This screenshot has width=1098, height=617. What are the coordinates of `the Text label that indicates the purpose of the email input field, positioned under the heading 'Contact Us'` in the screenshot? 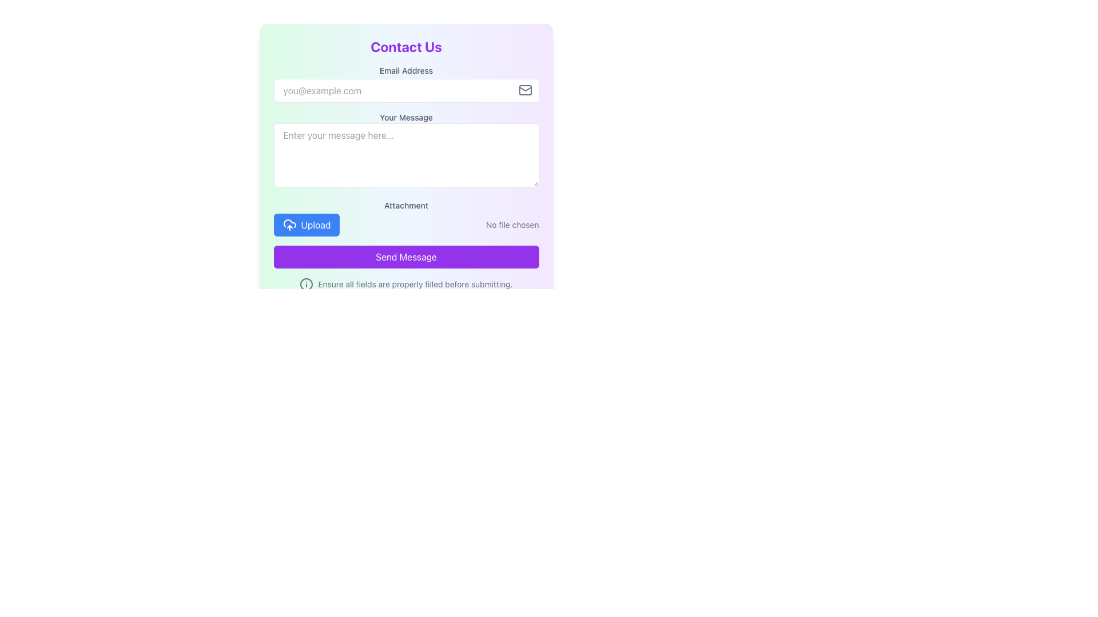 It's located at (406, 70).